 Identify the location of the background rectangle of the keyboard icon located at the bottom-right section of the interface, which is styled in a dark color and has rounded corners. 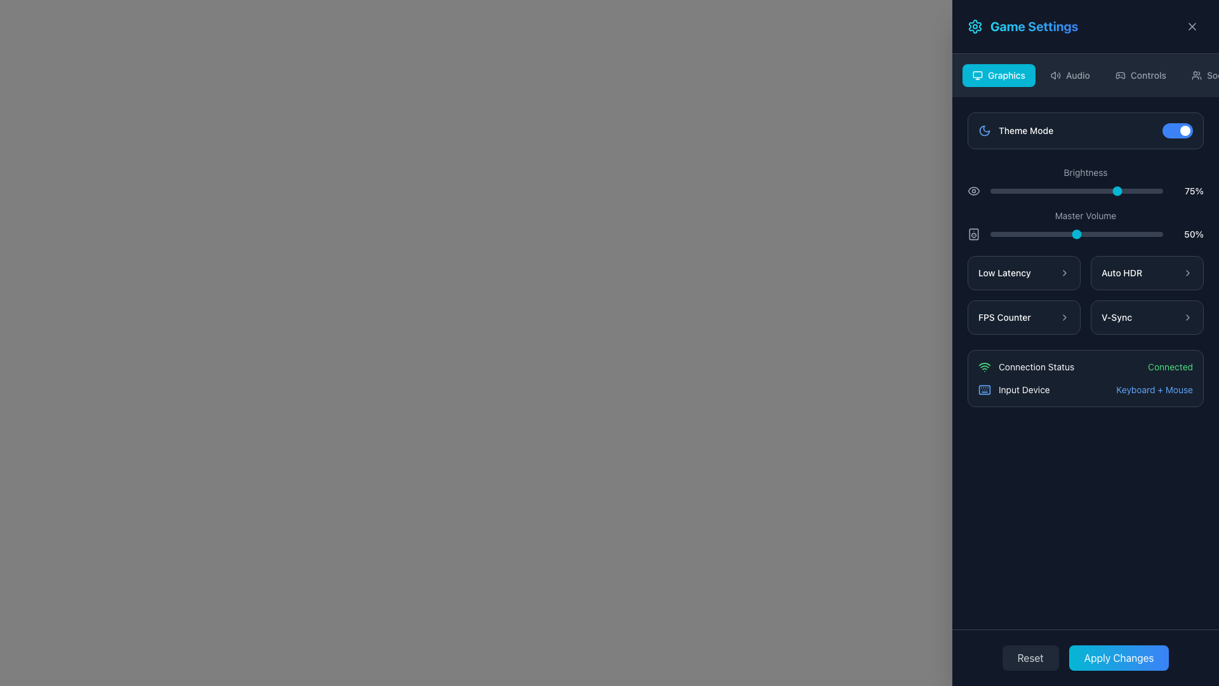
(983, 389).